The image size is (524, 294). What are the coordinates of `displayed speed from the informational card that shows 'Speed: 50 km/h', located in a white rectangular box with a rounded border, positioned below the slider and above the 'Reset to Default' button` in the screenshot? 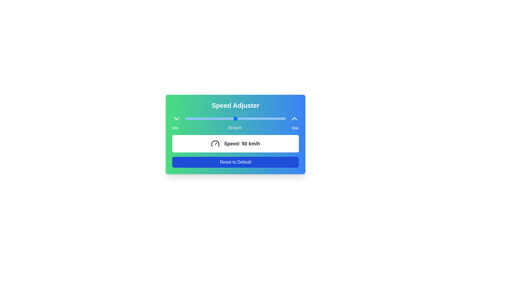 It's located at (236, 143).